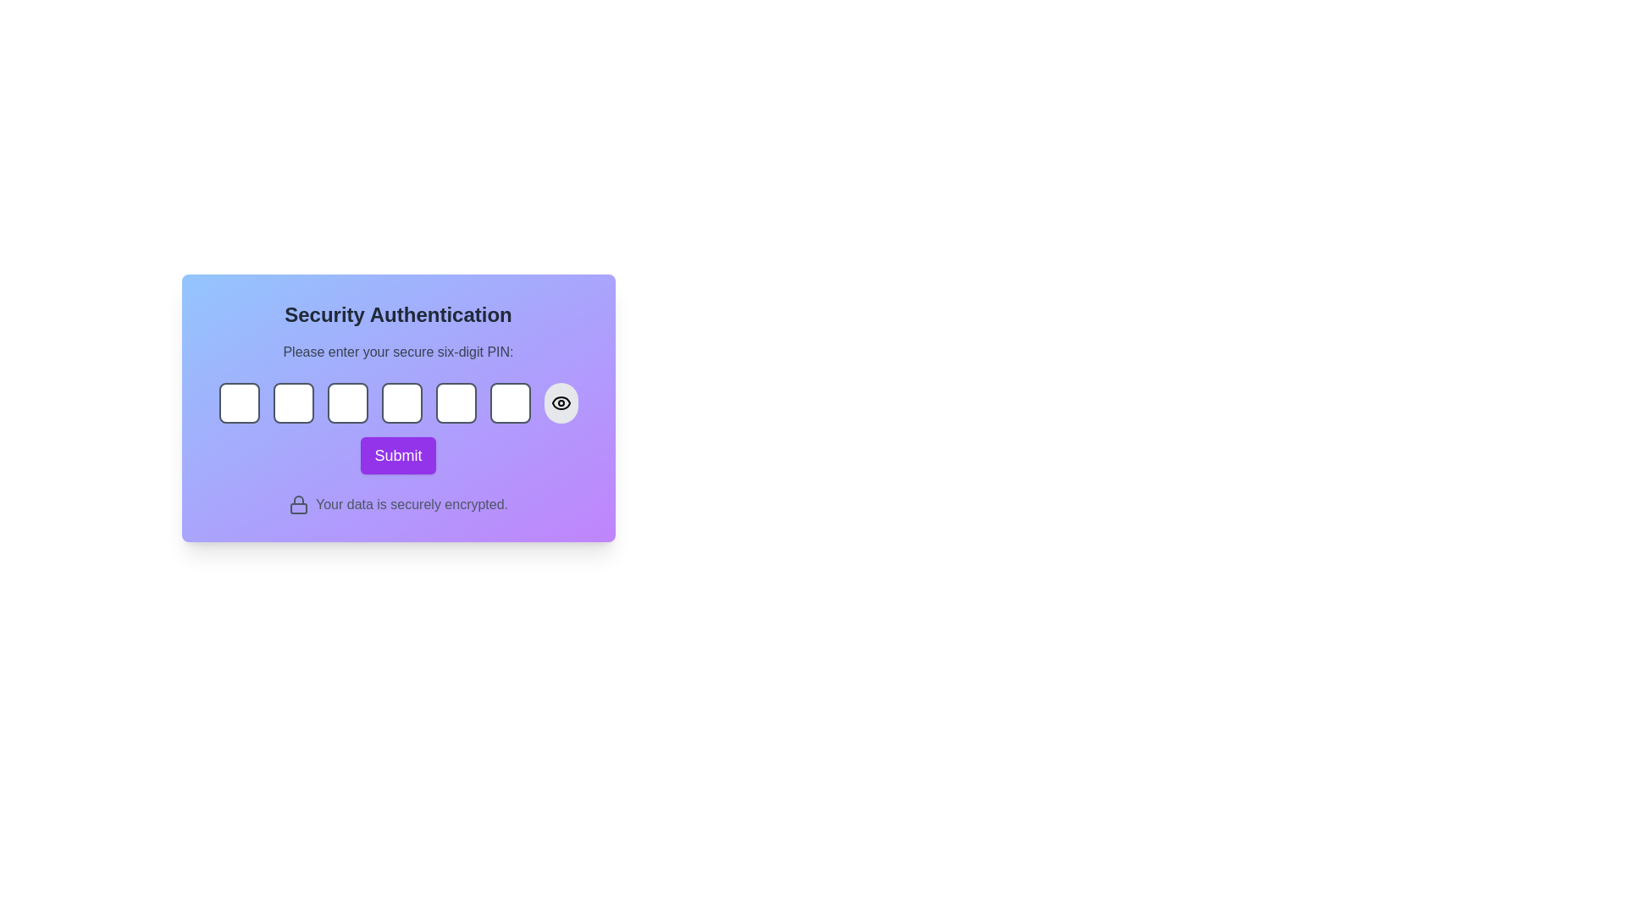 The height and width of the screenshot is (915, 1626). Describe the element at coordinates (561, 402) in the screenshot. I see `the toggle visibility button located in the far-right corner of the row containing six input fields` at that location.